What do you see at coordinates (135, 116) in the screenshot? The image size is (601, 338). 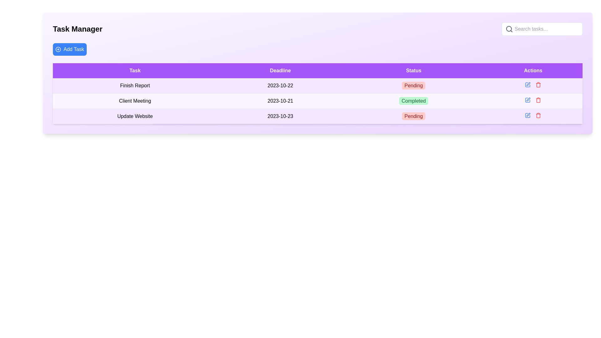 I see `the textual label that says 'Update Website', which is located in the 'Task' column of the third row of the table layout, directly below 'Client Meeting'` at bounding box center [135, 116].